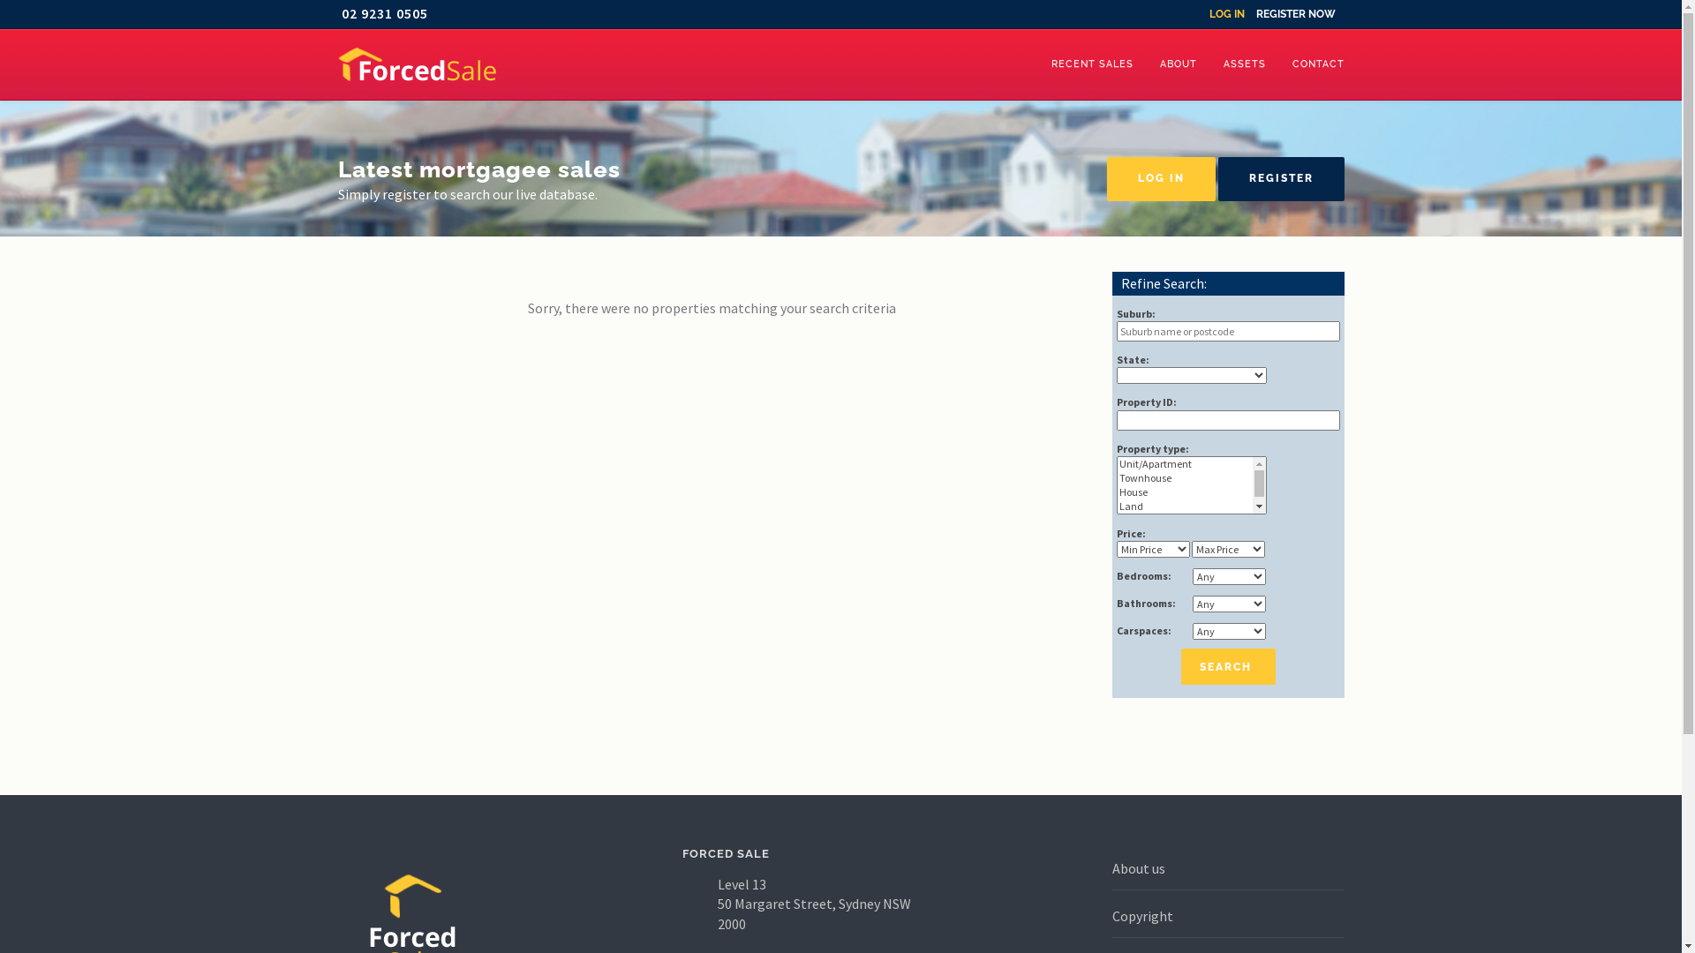 The image size is (1695, 953). Describe the element at coordinates (1317, 64) in the screenshot. I see `'CONTACT'` at that location.